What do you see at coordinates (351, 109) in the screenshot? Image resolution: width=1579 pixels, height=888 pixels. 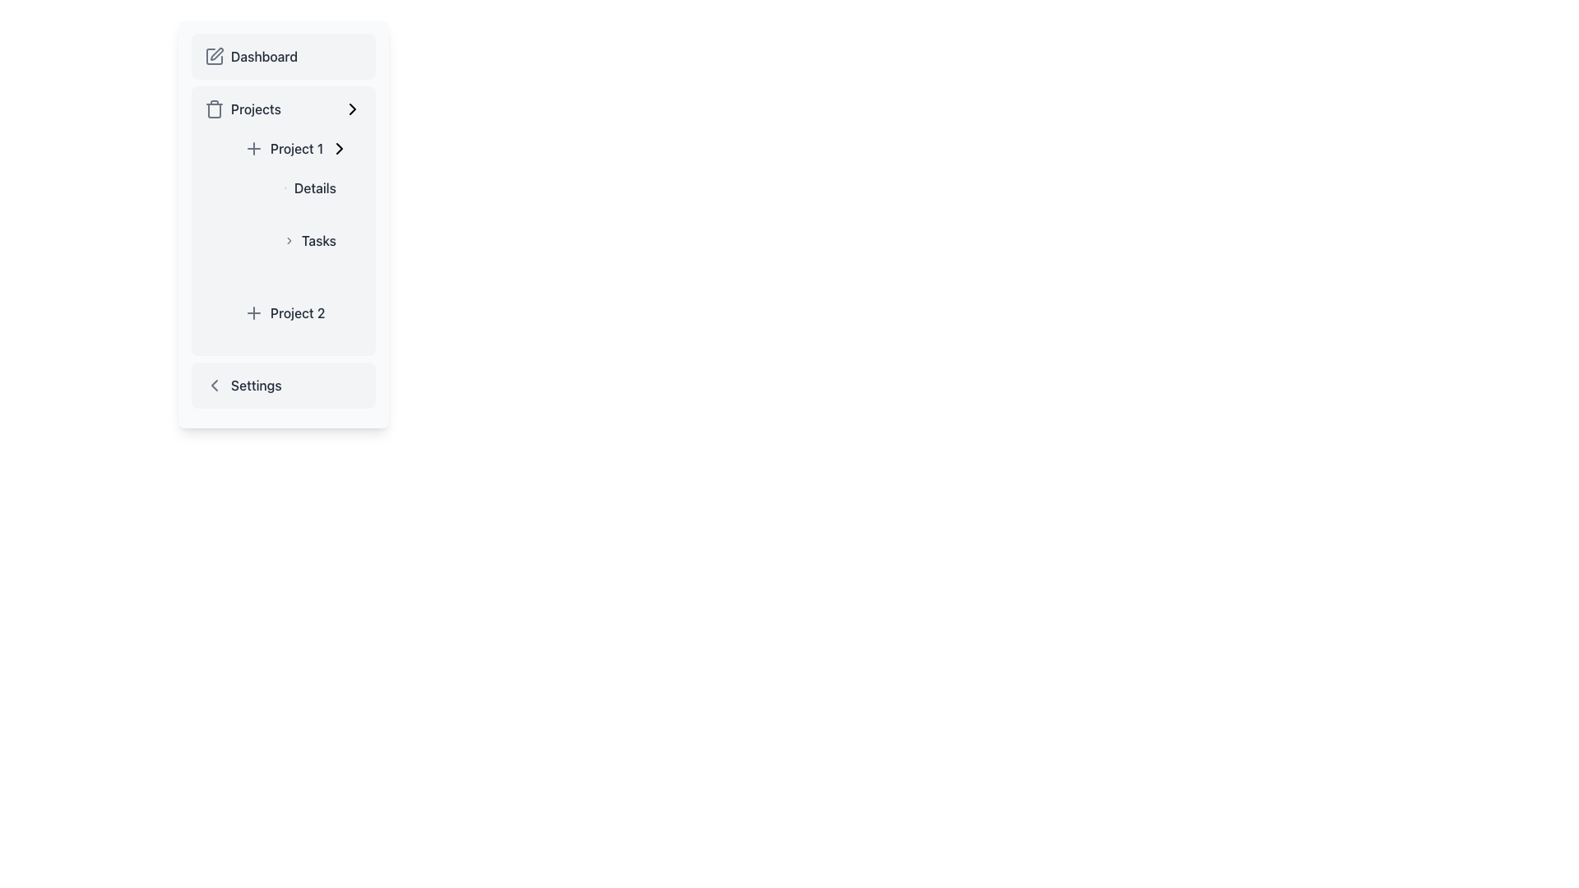 I see `the Chevron Icon, which serves as an expandable/collapsible indicator for the 'Projects' section` at bounding box center [351, 109].